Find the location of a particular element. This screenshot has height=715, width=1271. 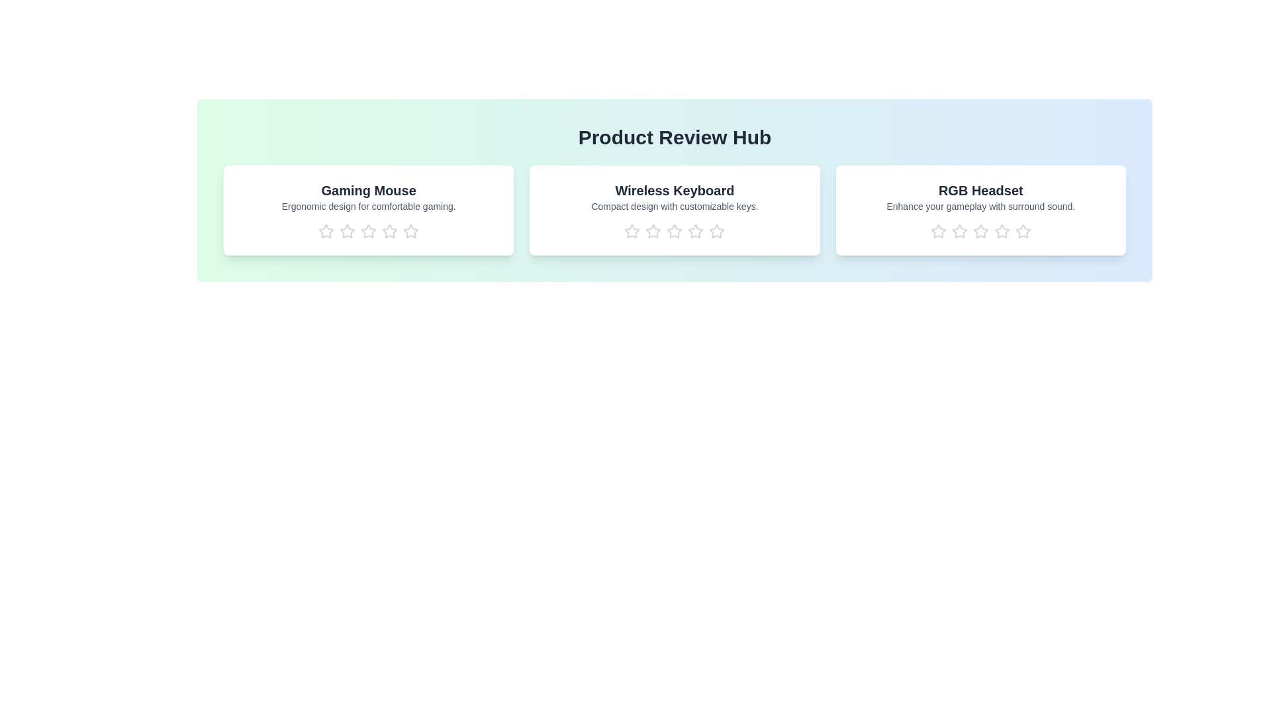

the rating for a product to 3 stars is located at coordinates (368, 231).